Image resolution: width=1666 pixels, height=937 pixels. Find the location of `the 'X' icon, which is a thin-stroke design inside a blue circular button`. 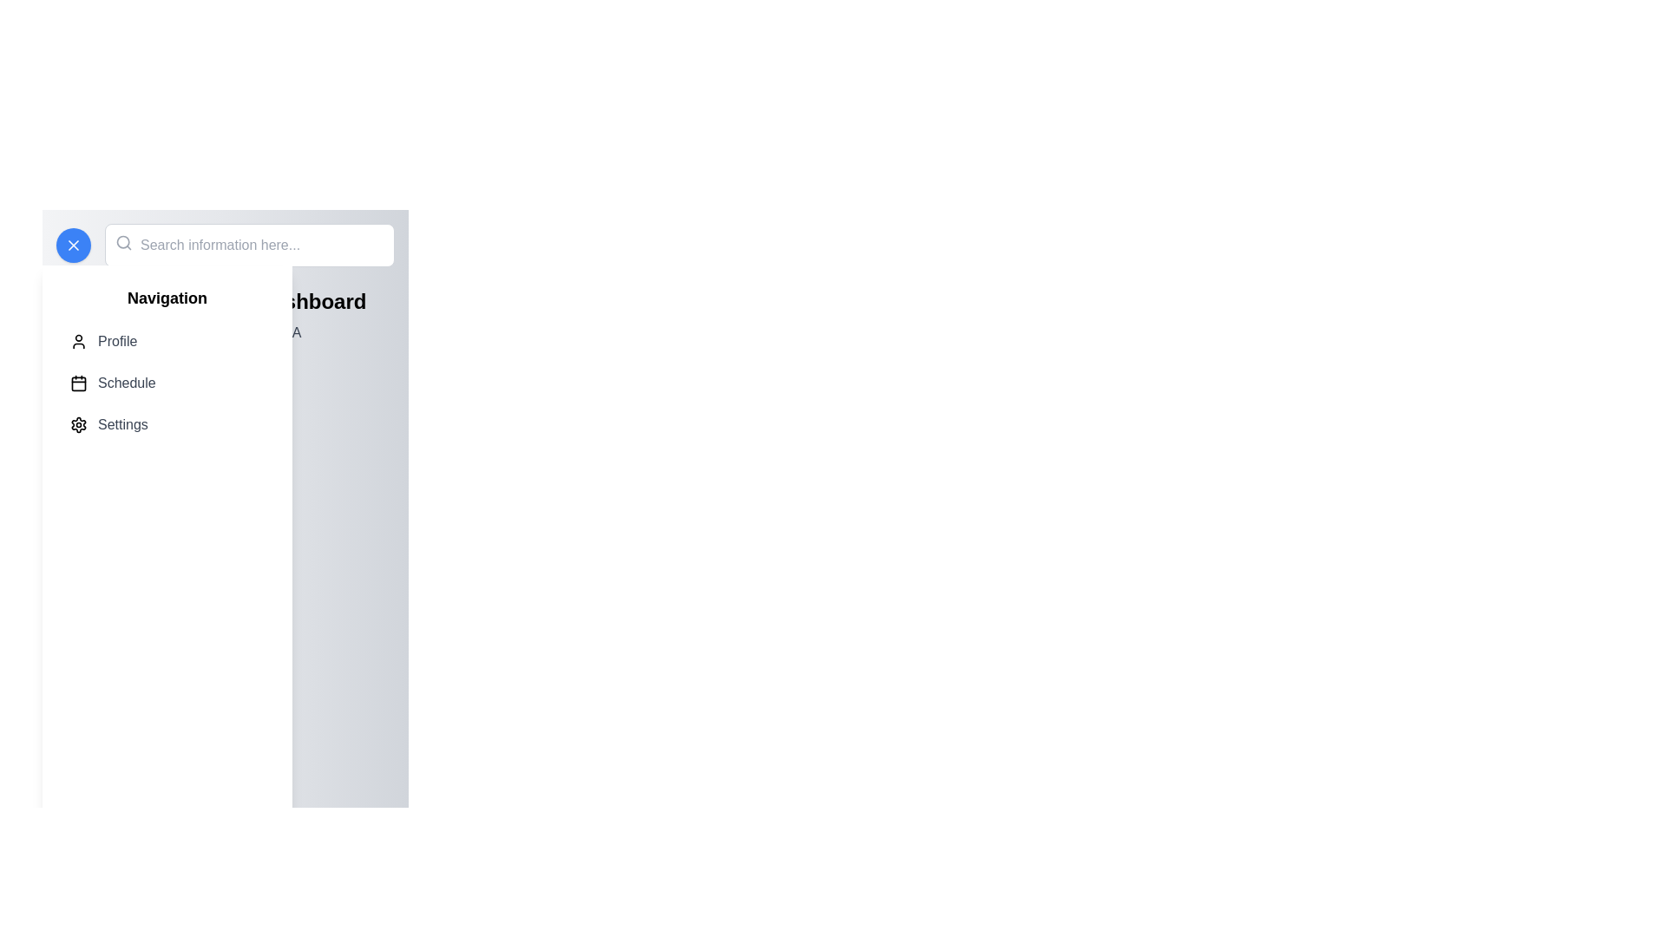

the 'X' icon, which is a thin-stroke design inside a blue circular button is located at coordinates (73, 245).